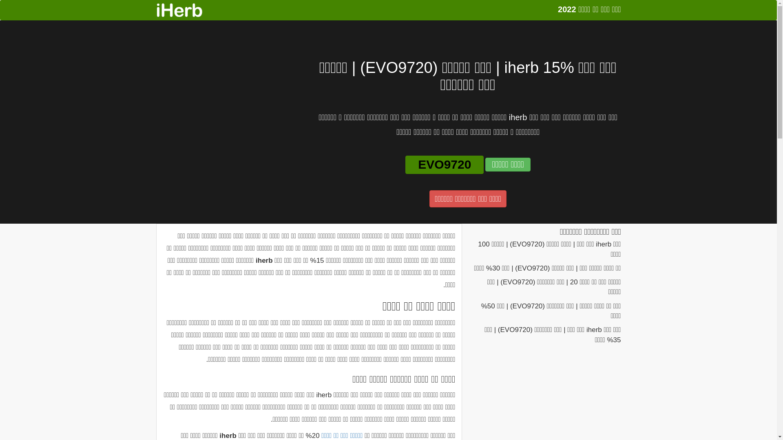  What do you see at coordinates (444, 165) in the screenshot?
I see `'EVO9720'` at bounding box center [444, 165].